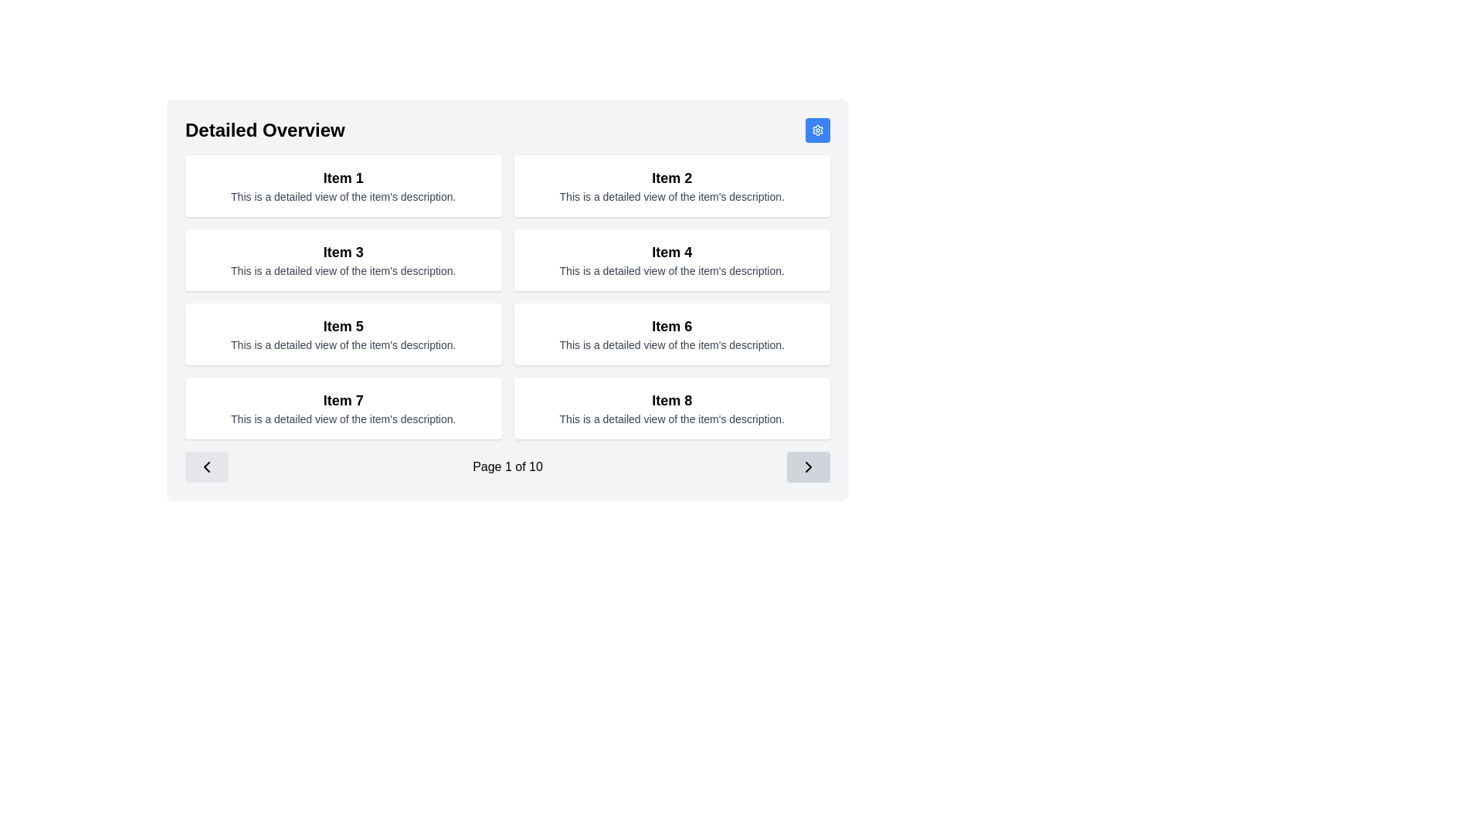 Image resolution: width=1483 pixels, height=834 pixels. What do you see at coordinates (342, 252) in the screenshot?
I see `the title heading for 'Item 3' located in the second column and second row of the grid layout, above the detailed description text` at bounding box center [342, 252].